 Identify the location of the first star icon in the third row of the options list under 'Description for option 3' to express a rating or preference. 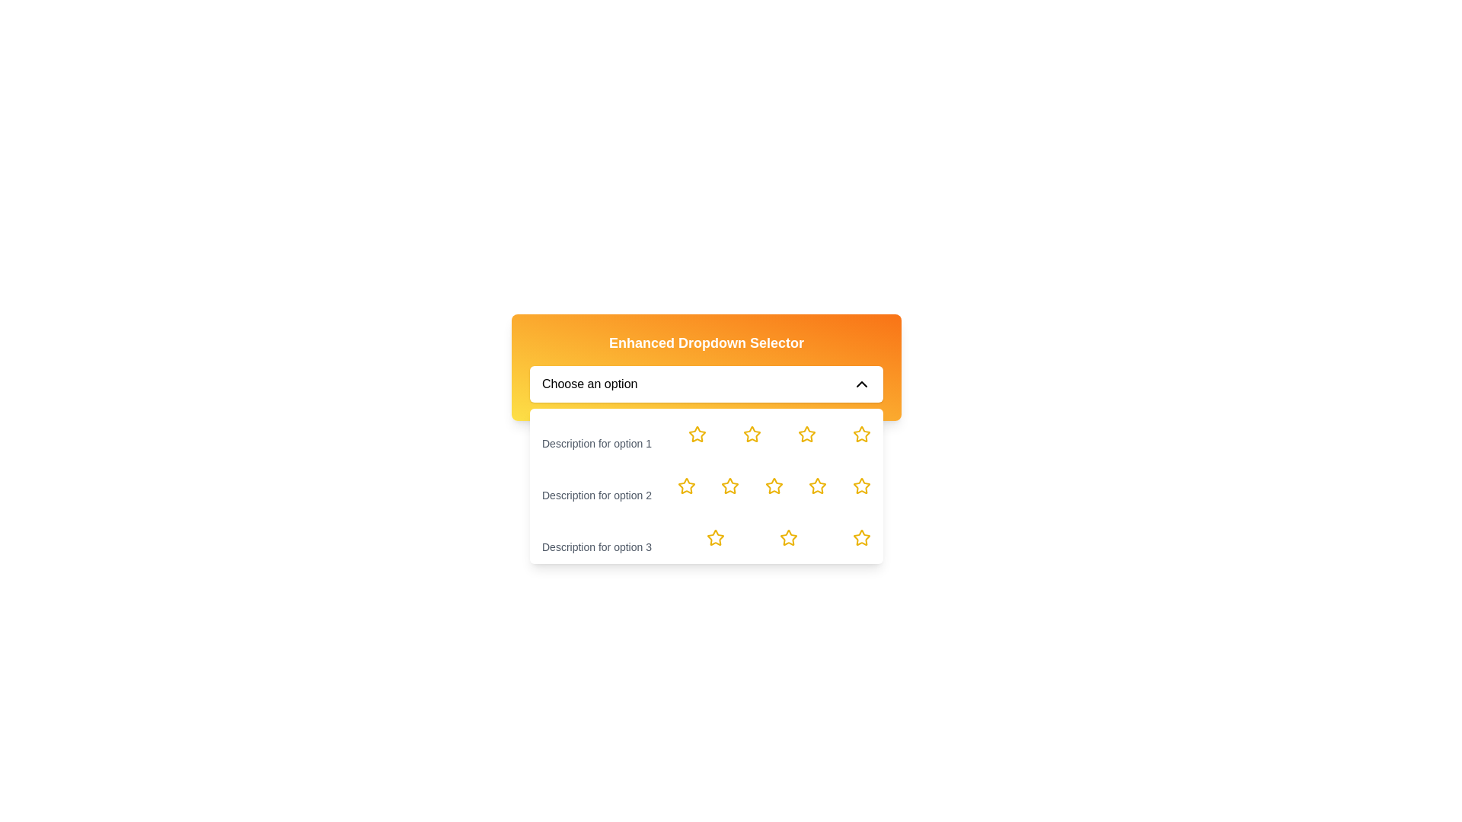
(715, 537).